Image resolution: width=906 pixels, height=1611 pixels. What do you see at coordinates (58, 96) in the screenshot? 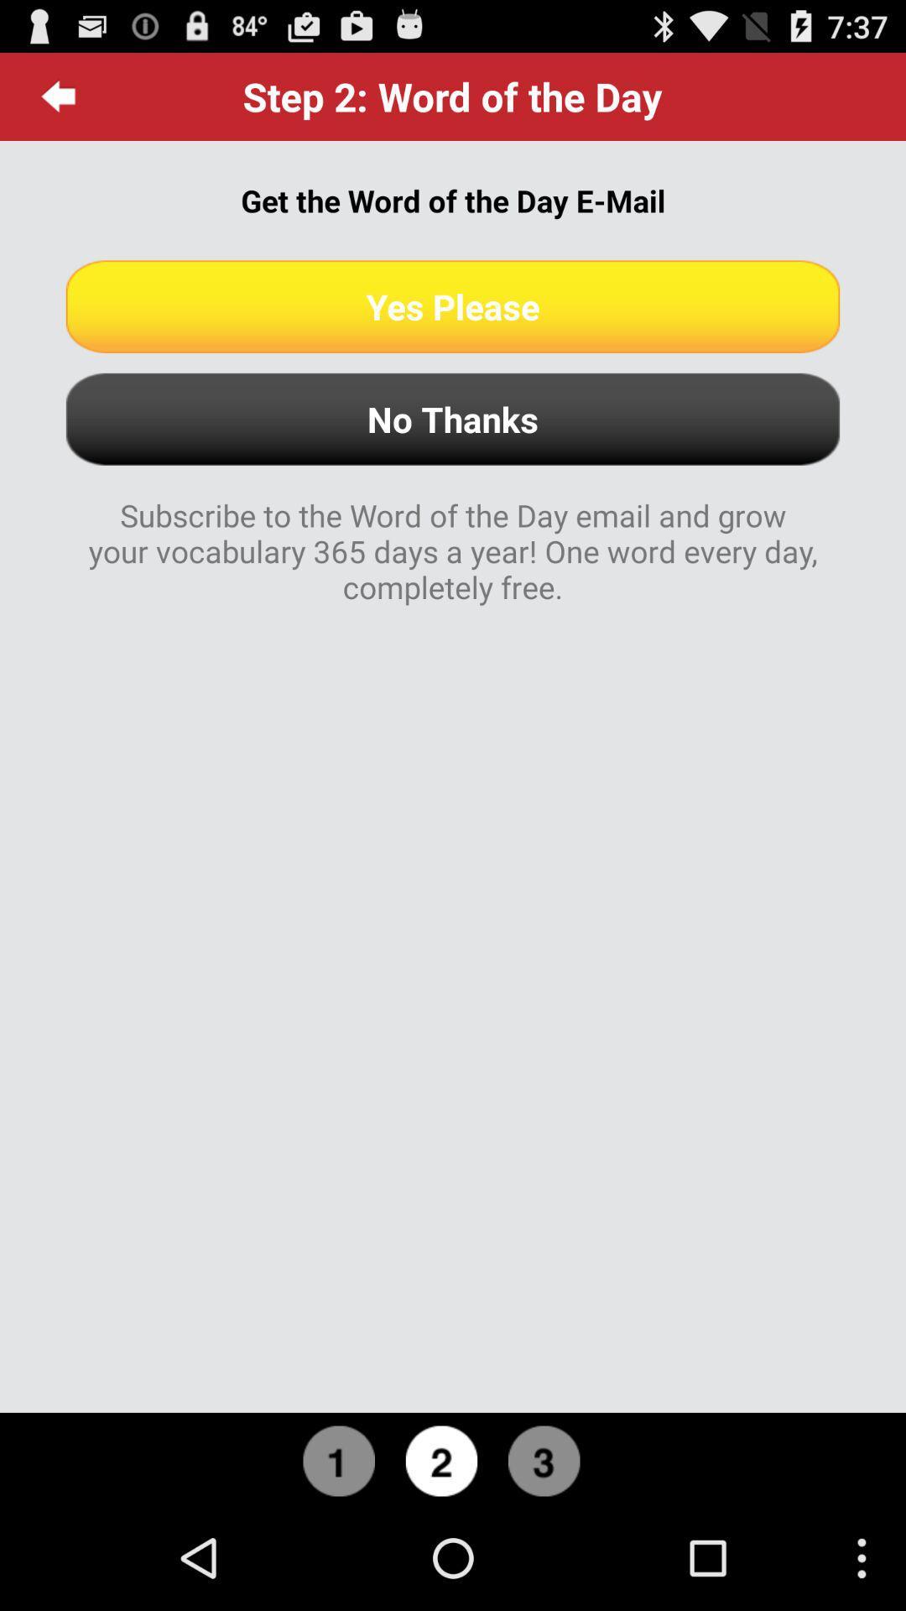
I see `icon above get the word icon` at bounding box center [58, 96].